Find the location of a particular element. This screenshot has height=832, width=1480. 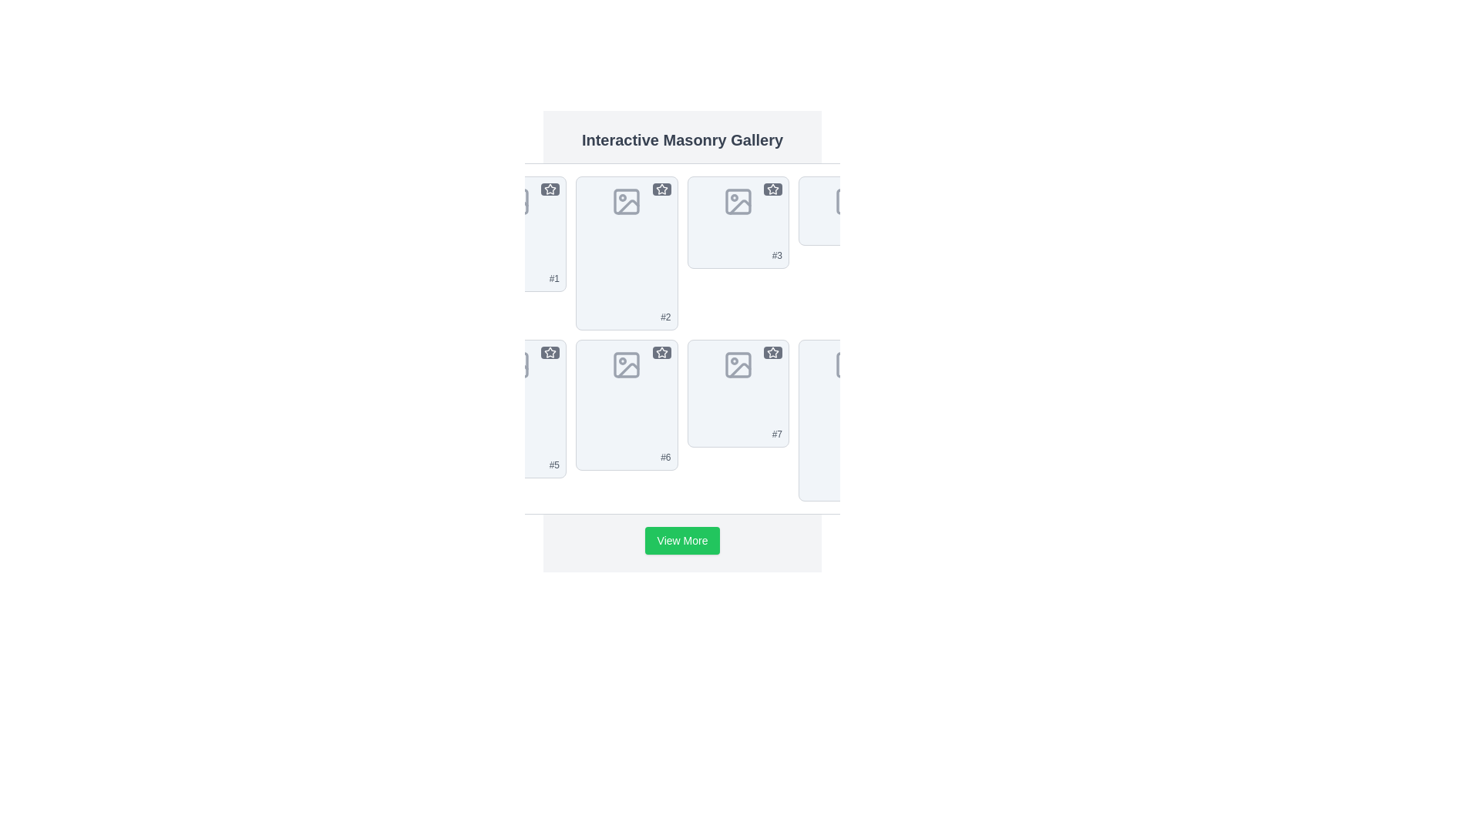

the pictorial icon representing an image placeholder, which is a bordered rectangle with a circular shape and triangular line pattern, located in card '#3' of the masonry gallery is located at coordinates (737, 201).